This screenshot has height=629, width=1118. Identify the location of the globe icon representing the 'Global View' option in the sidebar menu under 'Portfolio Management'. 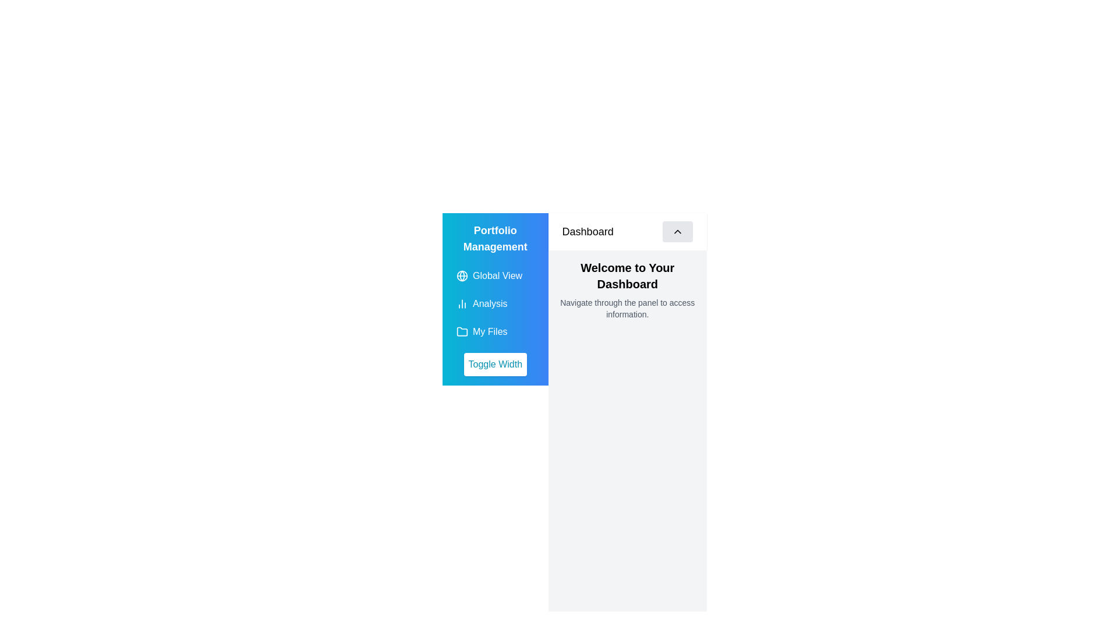
(461, 276).